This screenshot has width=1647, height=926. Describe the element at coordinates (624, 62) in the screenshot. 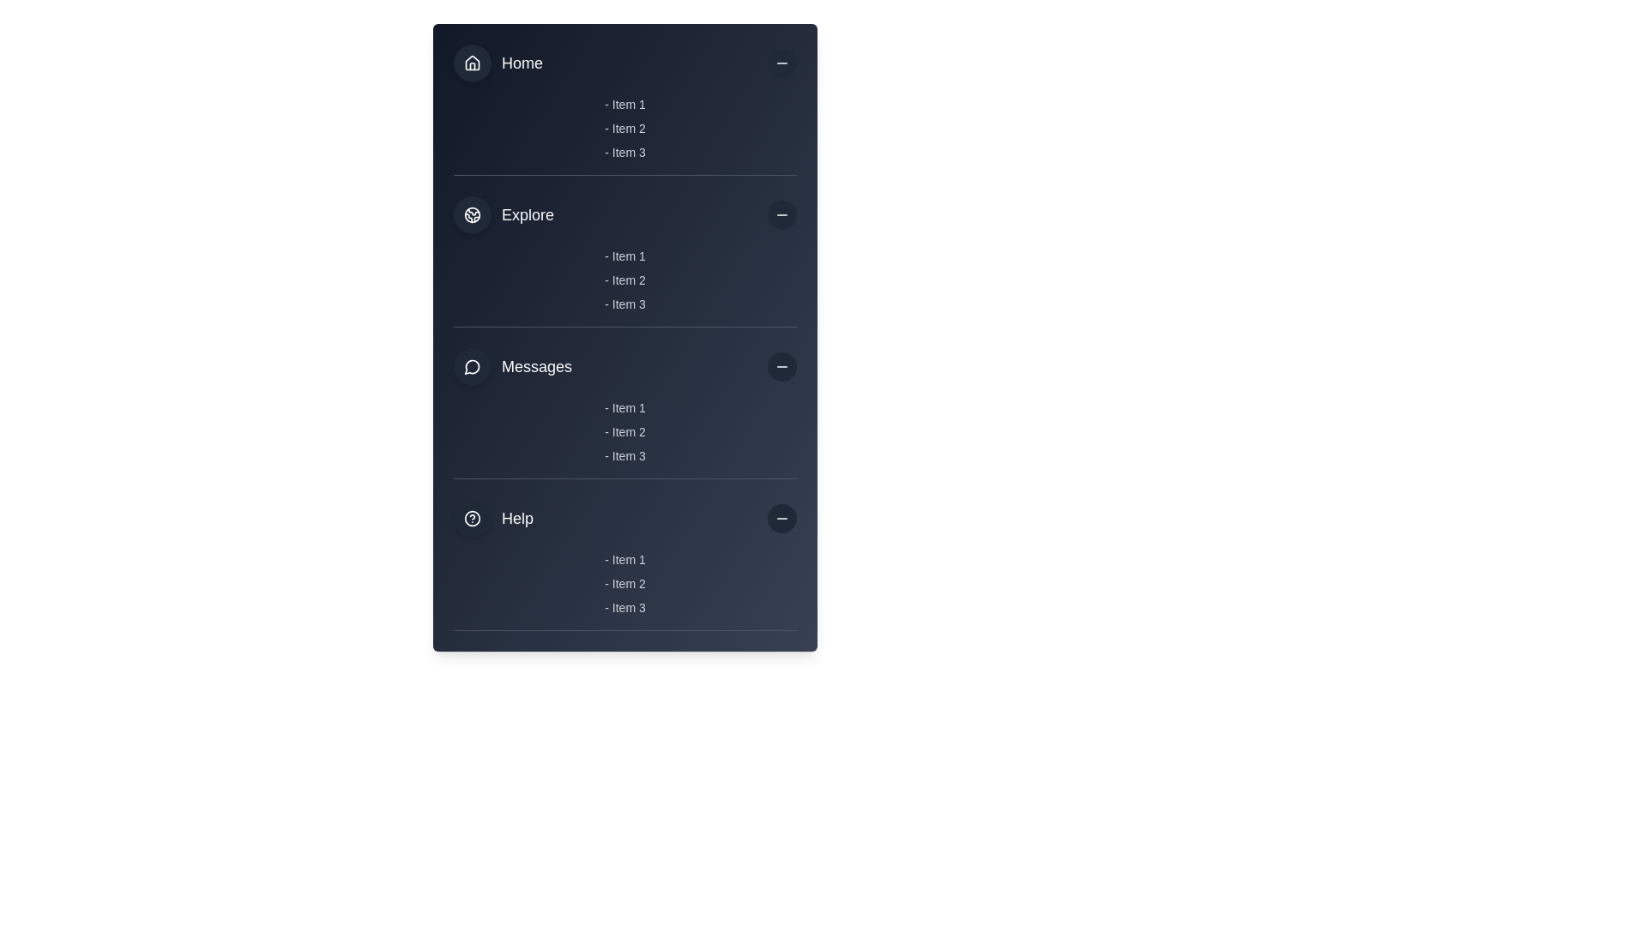

I see `to select the 'Home' menu item located at the top of the vertical menu list in the application` at that location.